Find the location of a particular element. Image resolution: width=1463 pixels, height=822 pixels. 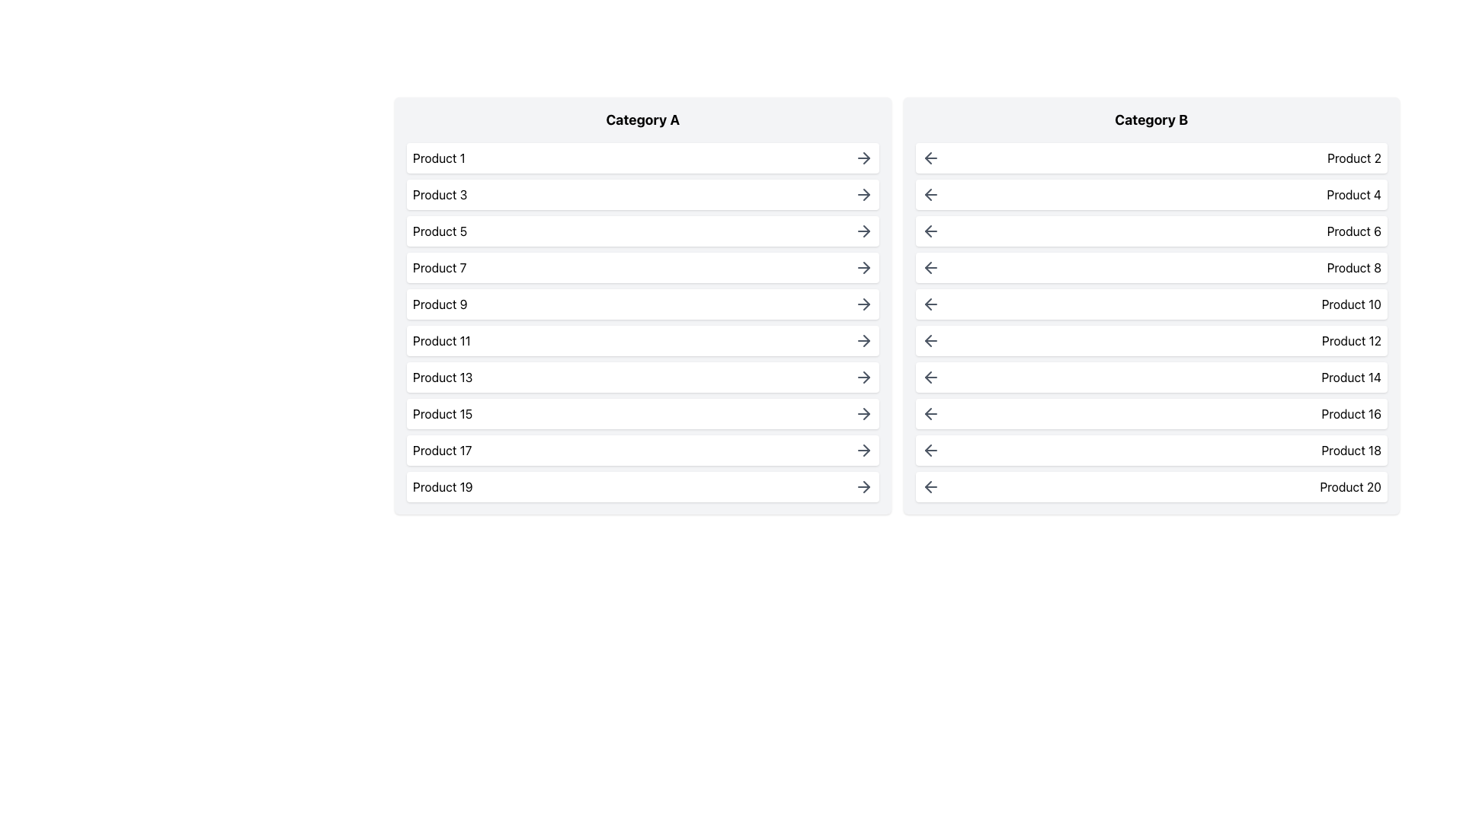

the text label 'Product 1' which is located in the first row of the 'Category A' column in the UI table layout, styled with a standard sans-serif font in black, inside a white box with rounded corners is located at coordinates (438, 158).